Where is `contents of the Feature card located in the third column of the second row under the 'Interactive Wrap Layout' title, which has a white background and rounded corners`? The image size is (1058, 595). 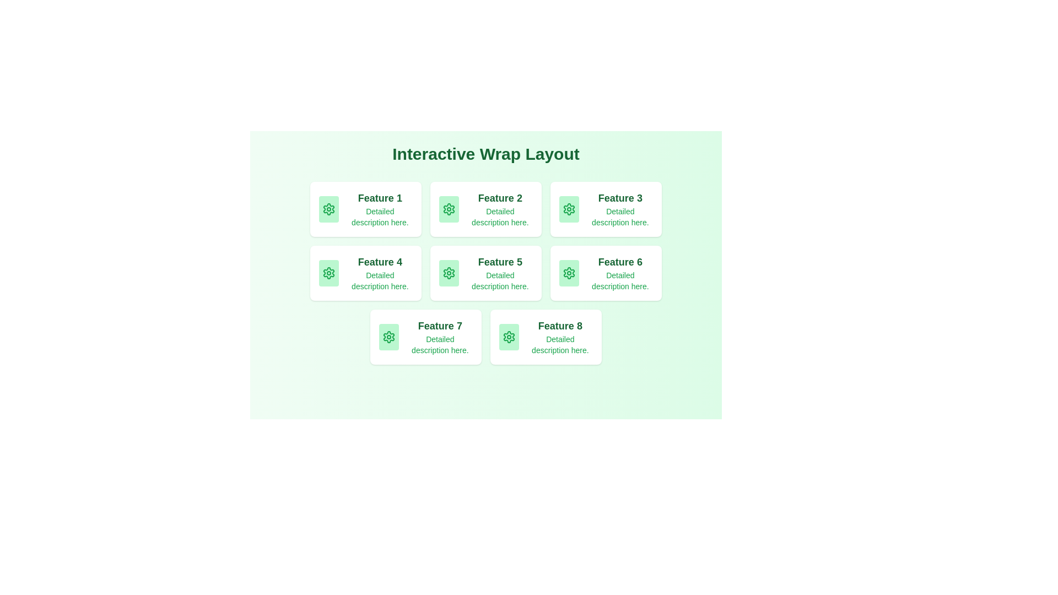 contents of the Feature card located in the third column of the second row under the 'Interactive Wrap Layout' title, which has a white background and rounded corners is located at coordinates (605, 273).